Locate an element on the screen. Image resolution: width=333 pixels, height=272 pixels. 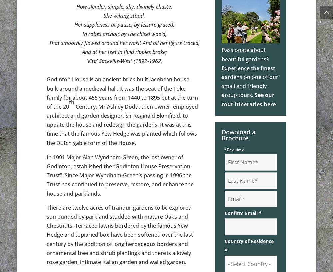
'She wilting stood,' is located at coordinates (124, 15).